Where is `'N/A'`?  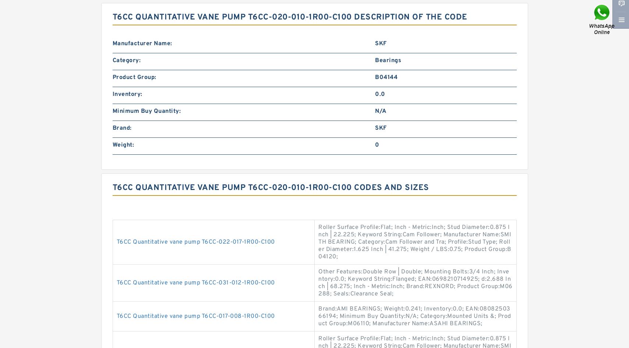
'N/A' is located at coordinates (380, 111).